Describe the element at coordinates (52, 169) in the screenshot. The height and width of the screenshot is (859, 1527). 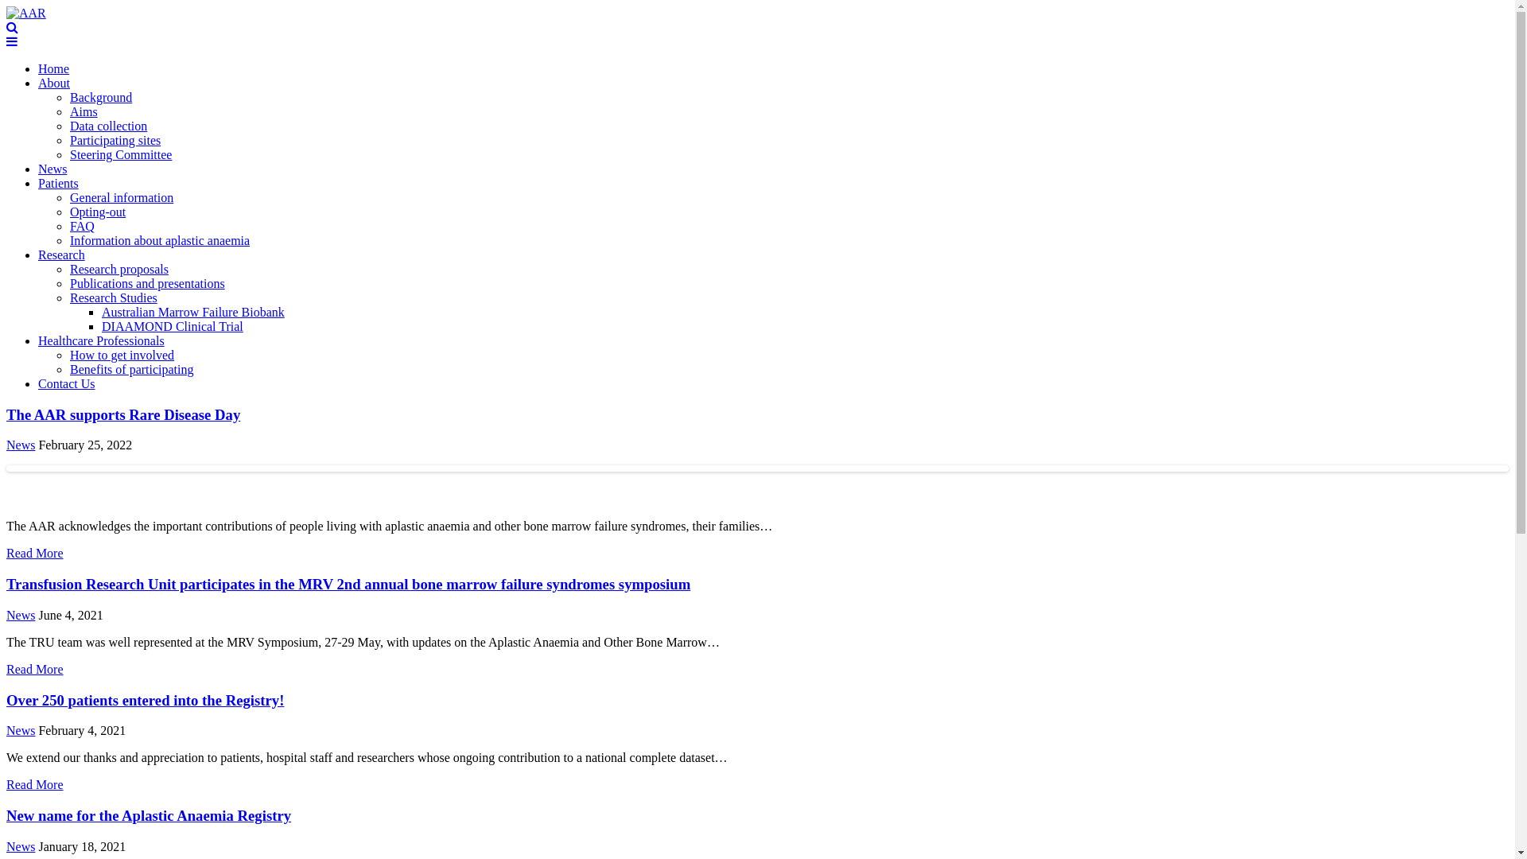
I see `'News'` at that location.